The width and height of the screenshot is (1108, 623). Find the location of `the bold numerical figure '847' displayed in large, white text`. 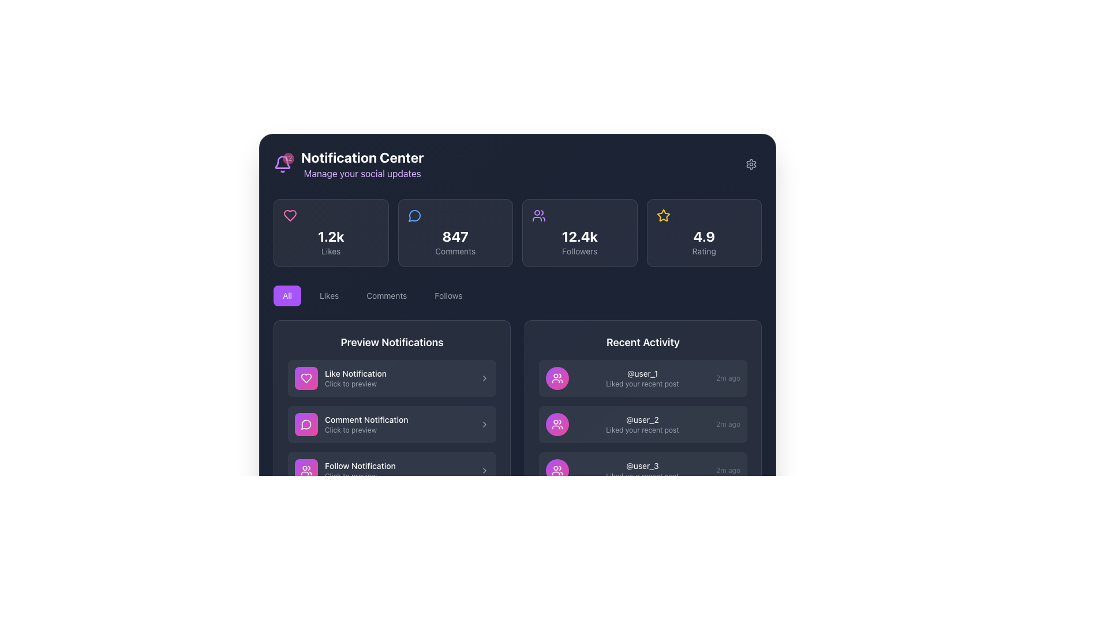

the bold numerical figure '847' displayed in large, white text is located at coordinates (455, 235).